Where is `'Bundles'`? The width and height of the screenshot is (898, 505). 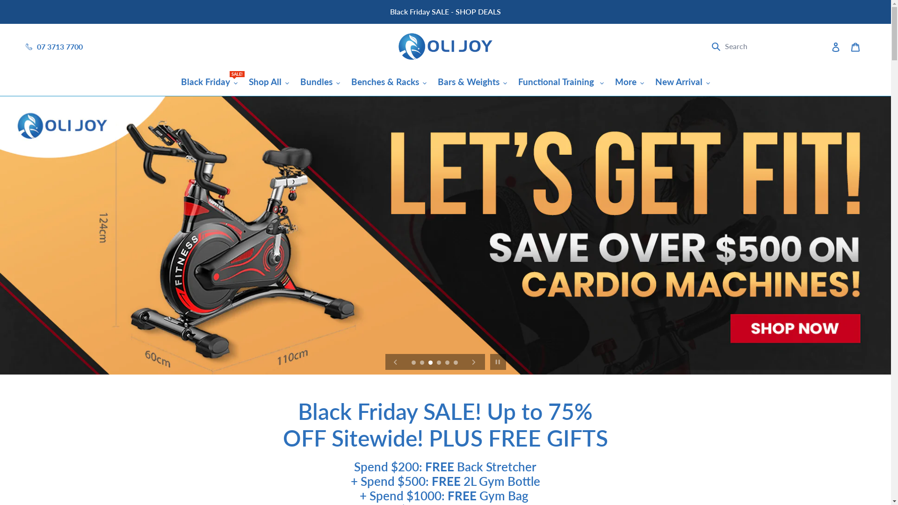 'Bundles' is located at coordinates (320, 81).